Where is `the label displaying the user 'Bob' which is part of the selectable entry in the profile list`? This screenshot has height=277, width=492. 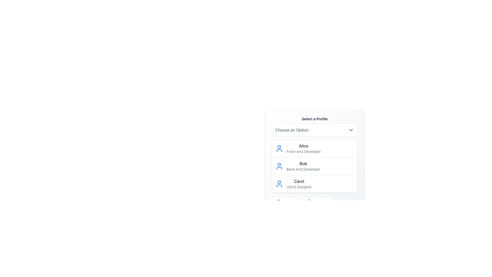
the label displaying the user 'Bob' which is part of the selectable entry in the profile list is located at coordinates (298, 166).